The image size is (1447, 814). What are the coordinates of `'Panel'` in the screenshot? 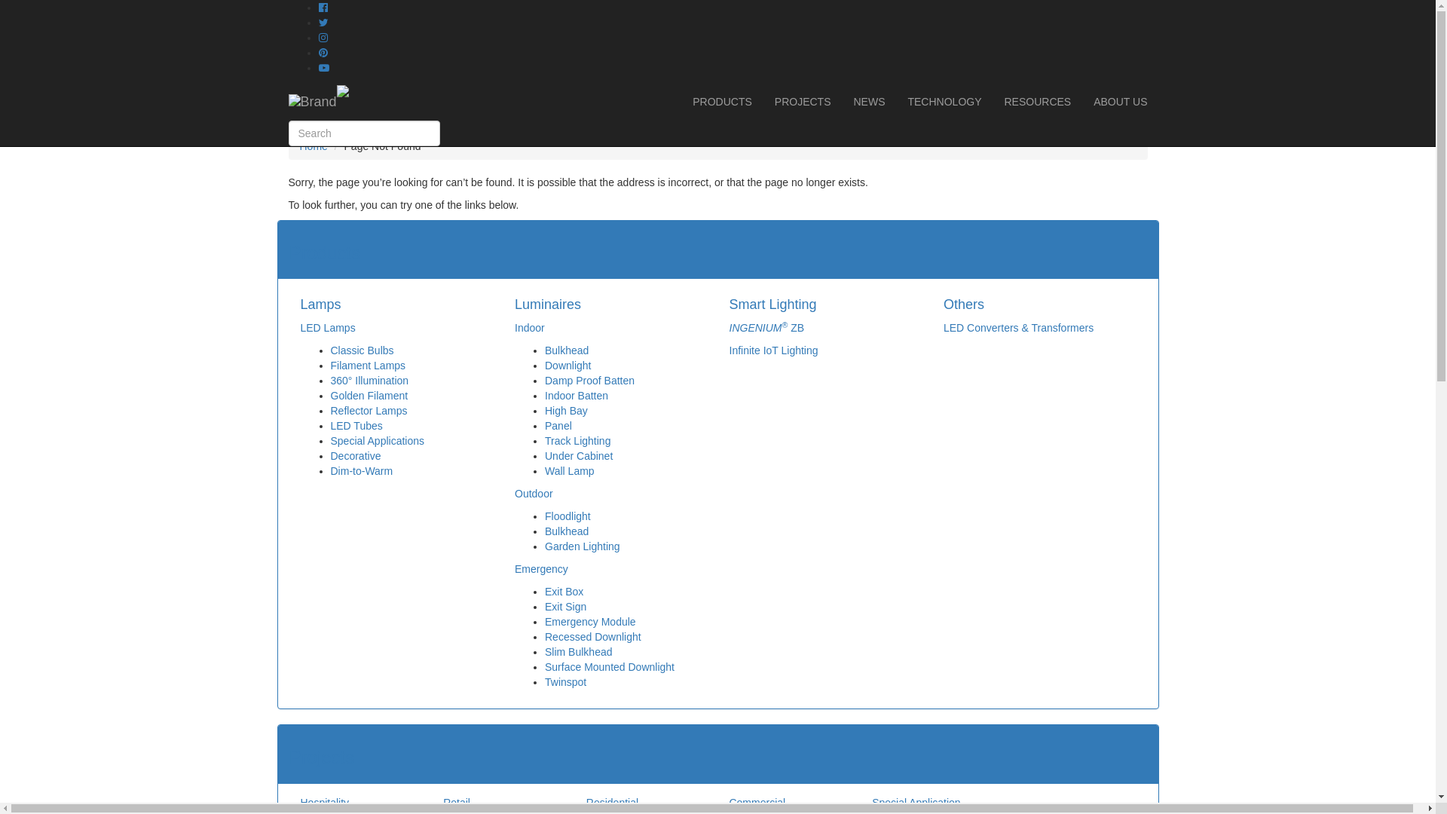 It's located at (544, 425).